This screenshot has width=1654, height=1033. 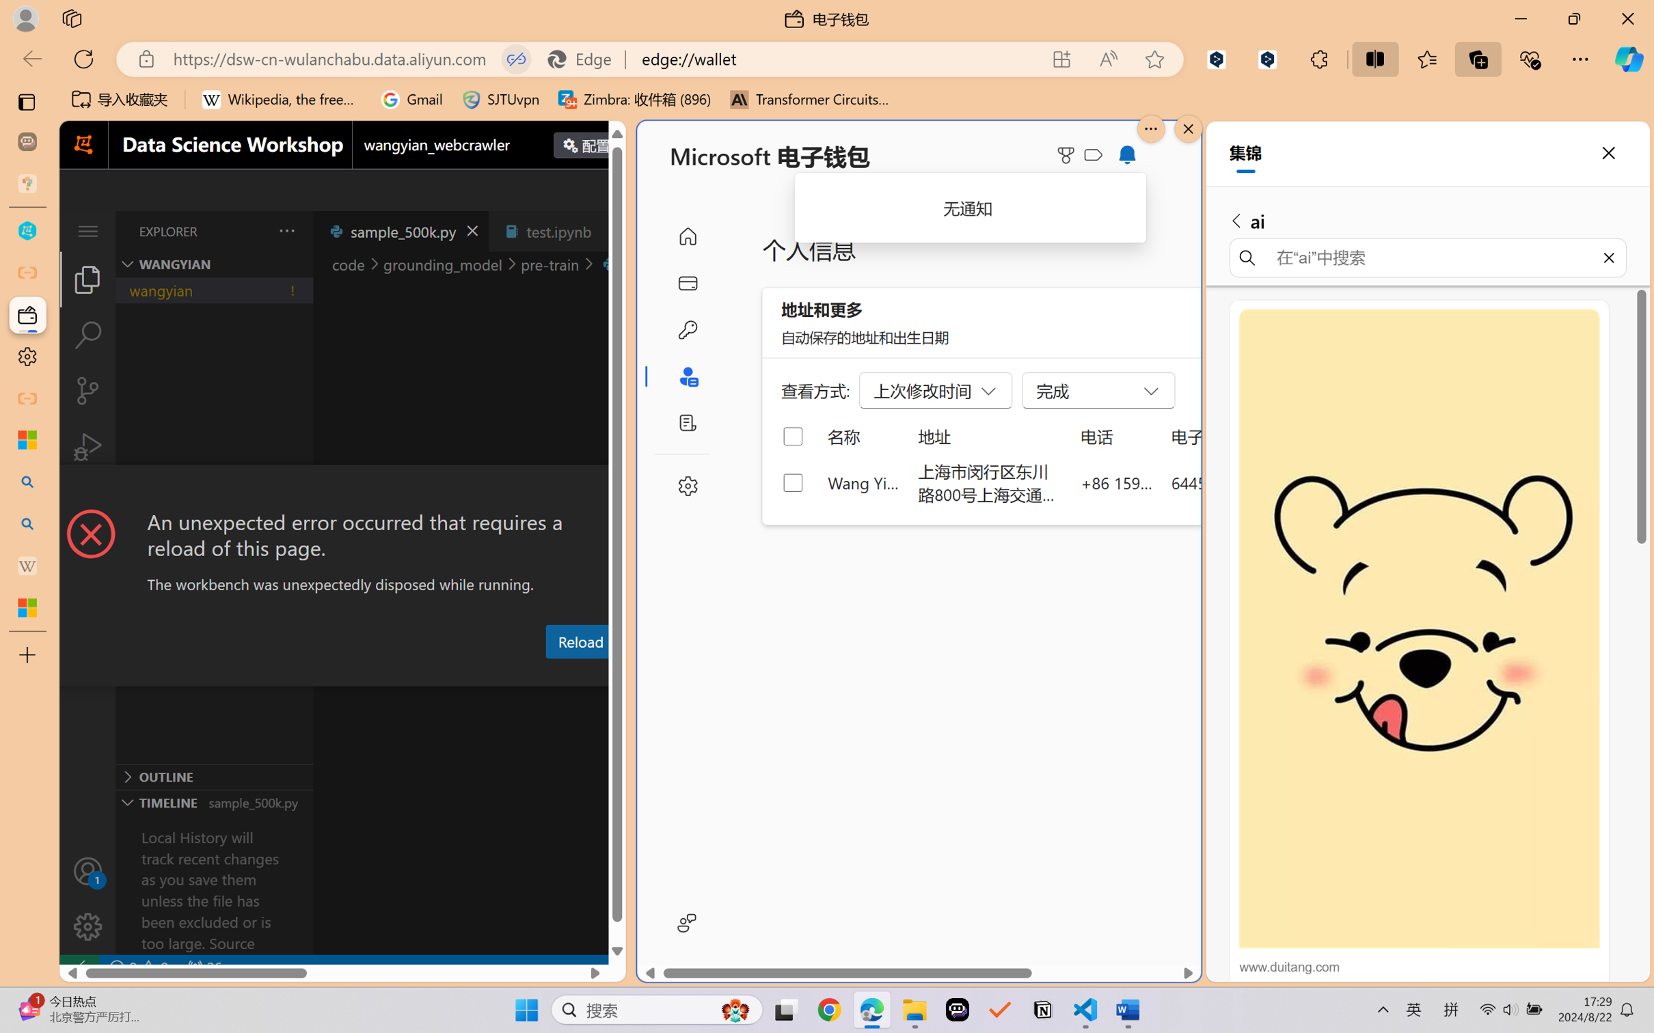 I want to click on 'Microsoft Rewards', so click(x=1068, y=155).